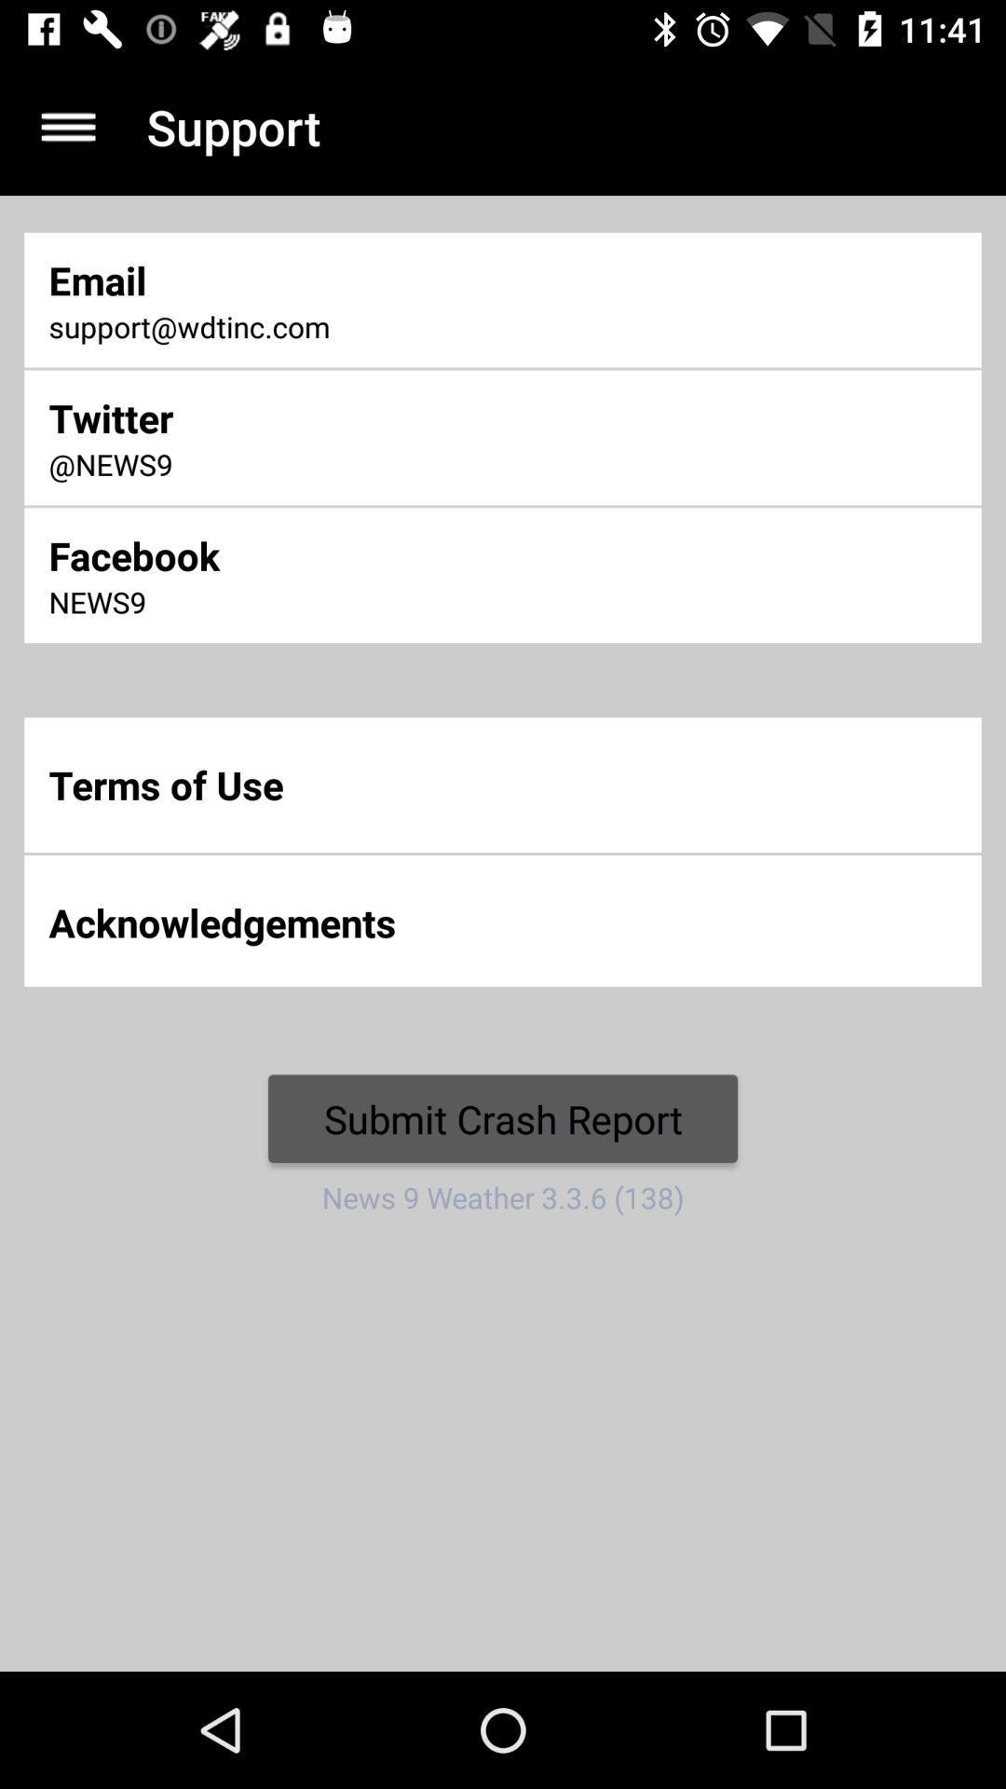  I want to click on twitter, so click(333, 417).